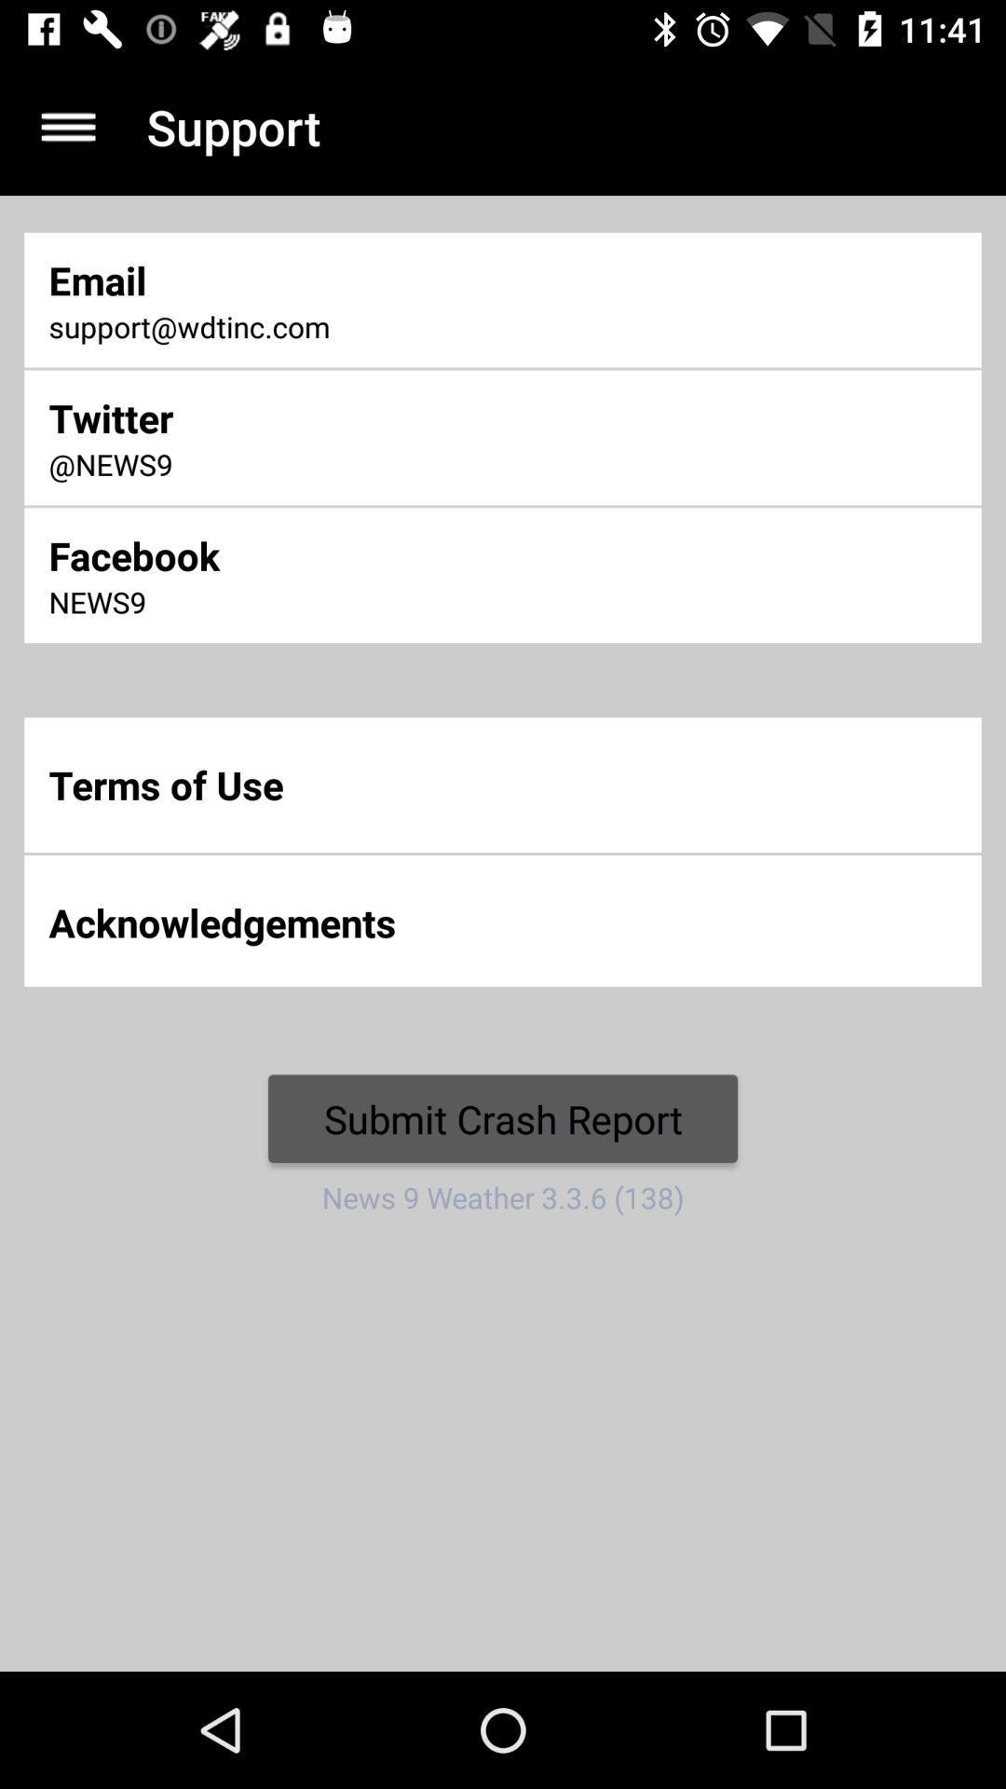  I want to click on twitter, so click(333, 417).